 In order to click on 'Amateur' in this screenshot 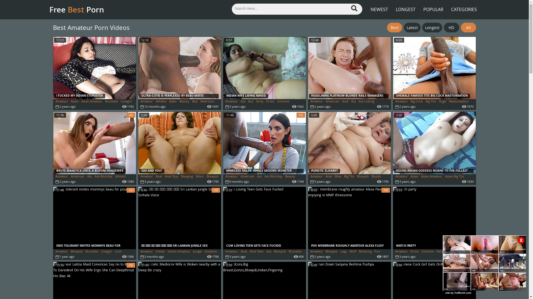, I will do `click(147, 252)`.